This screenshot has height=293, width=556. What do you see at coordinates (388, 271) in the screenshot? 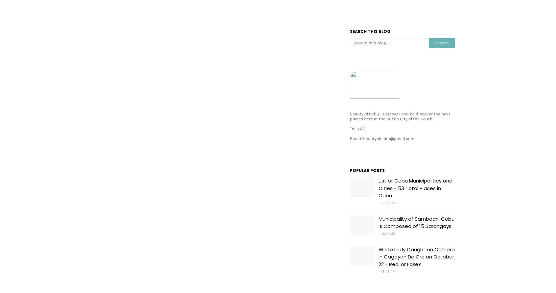
I see `'8:43 AM'` at bounding box center [388, 271].